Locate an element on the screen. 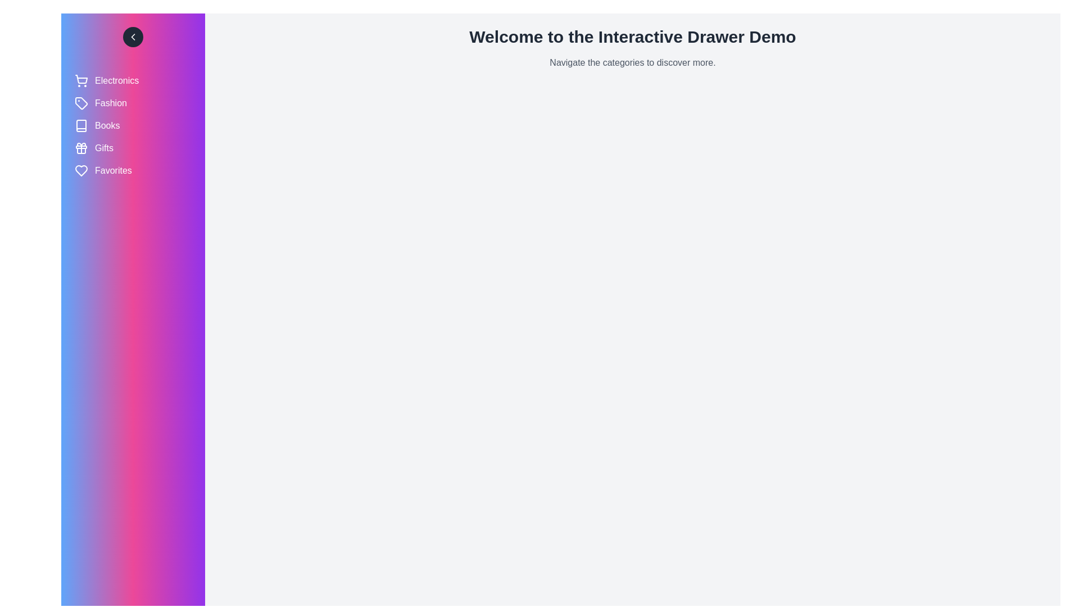 Image resolution: width=1079 pixels, height=607 pixels. the category labeled Electronics to select it is located at coordinates (133, 80).